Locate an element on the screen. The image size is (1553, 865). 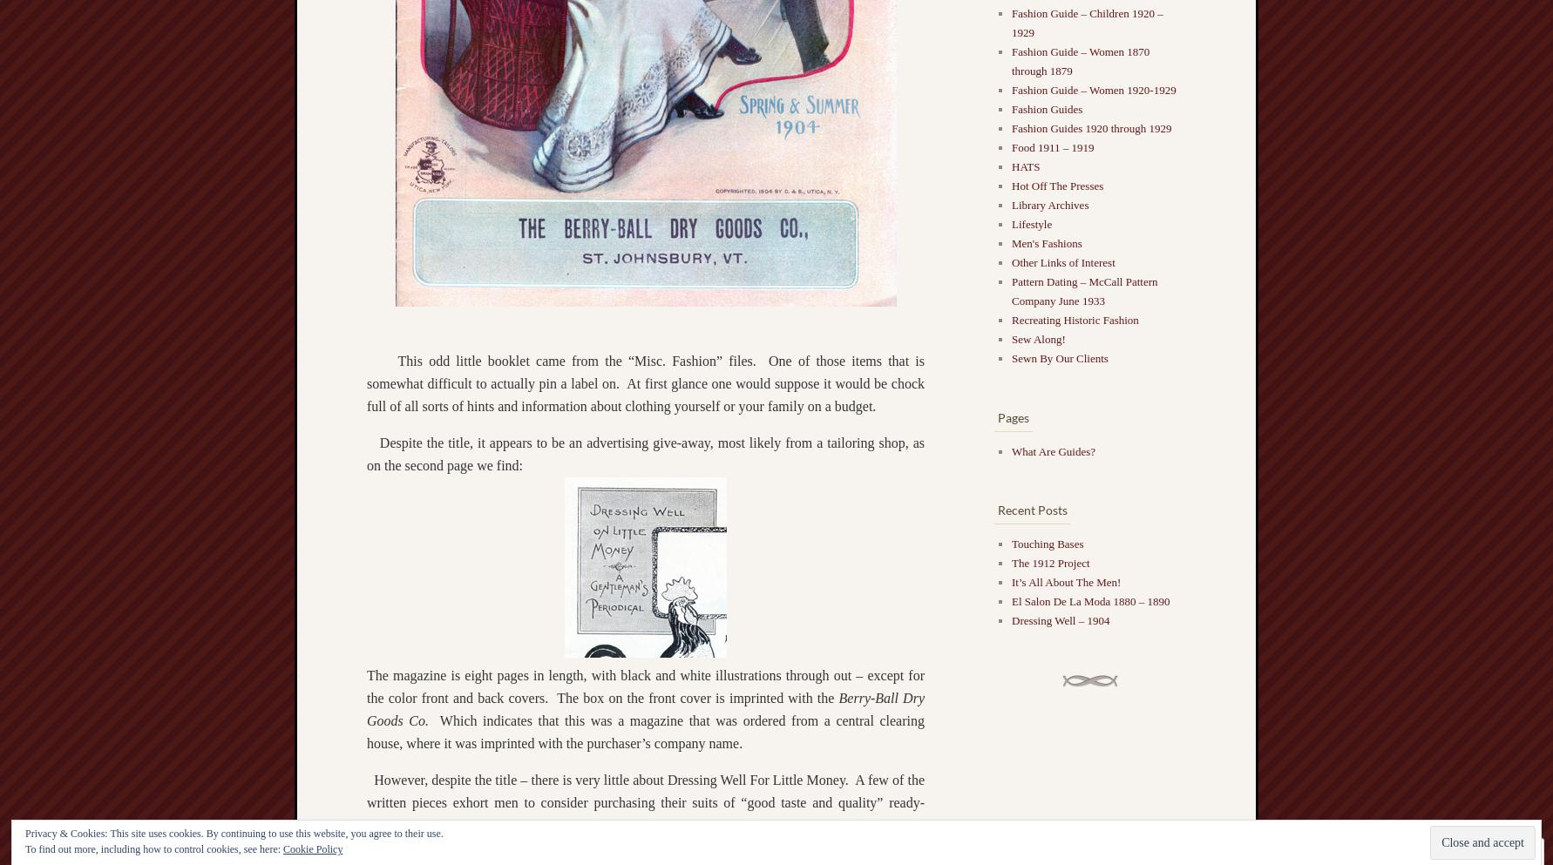
'The 1912 Project' is located at coordinates (1010, 561).